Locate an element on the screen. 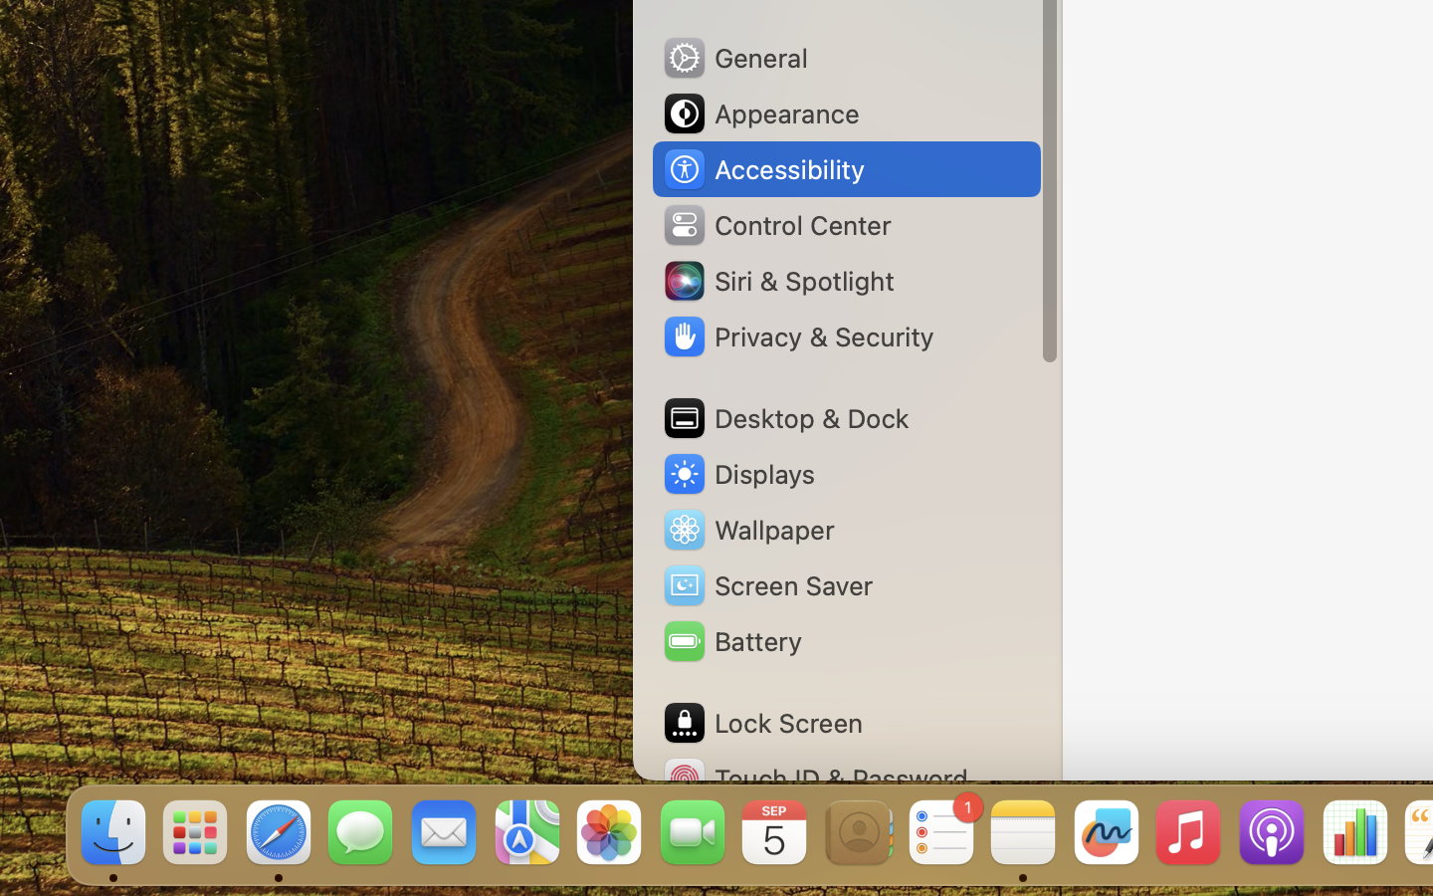  'Siri & Spotlight' is located at coordinates (777, 279).